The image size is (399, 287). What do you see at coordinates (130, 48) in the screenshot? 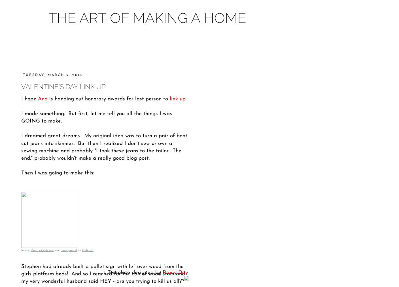
I see `'About'` at bounding box center [130, 48].